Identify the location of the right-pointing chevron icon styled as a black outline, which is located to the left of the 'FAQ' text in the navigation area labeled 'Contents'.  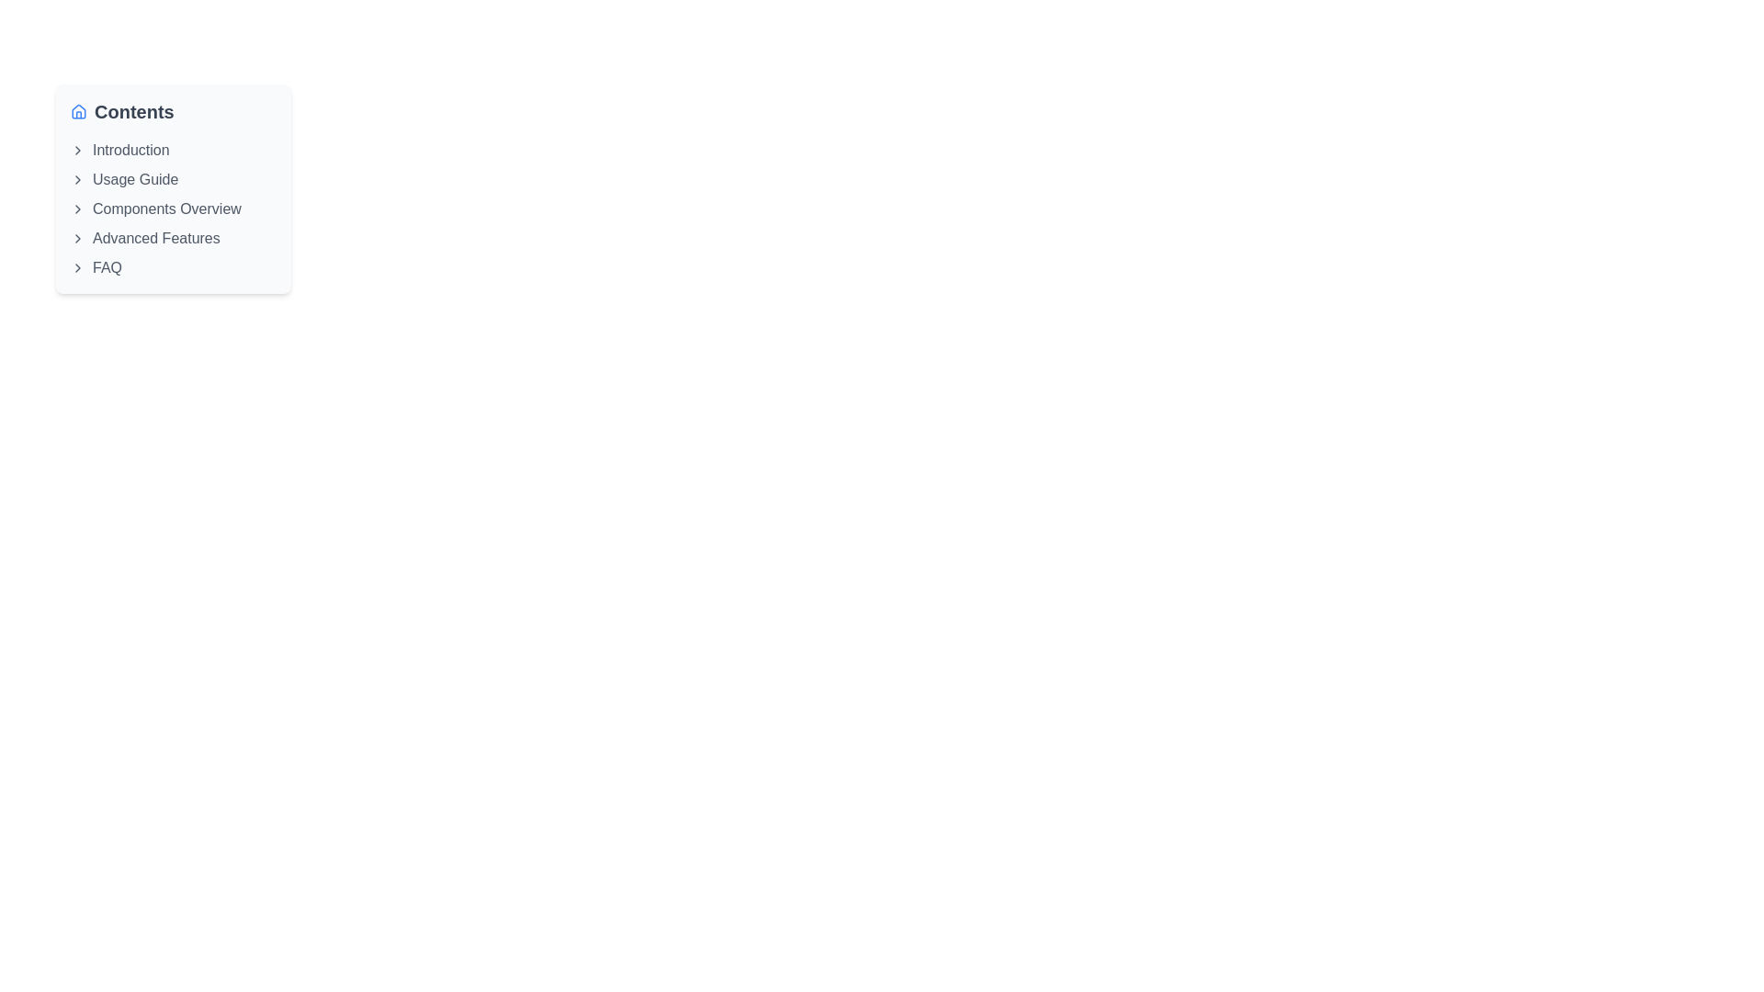
(77, 268).